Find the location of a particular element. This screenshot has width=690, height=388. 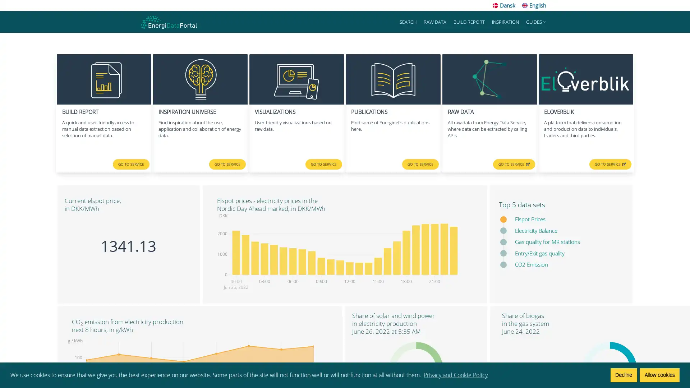

deny cookies is located at coordinates (623, 375).